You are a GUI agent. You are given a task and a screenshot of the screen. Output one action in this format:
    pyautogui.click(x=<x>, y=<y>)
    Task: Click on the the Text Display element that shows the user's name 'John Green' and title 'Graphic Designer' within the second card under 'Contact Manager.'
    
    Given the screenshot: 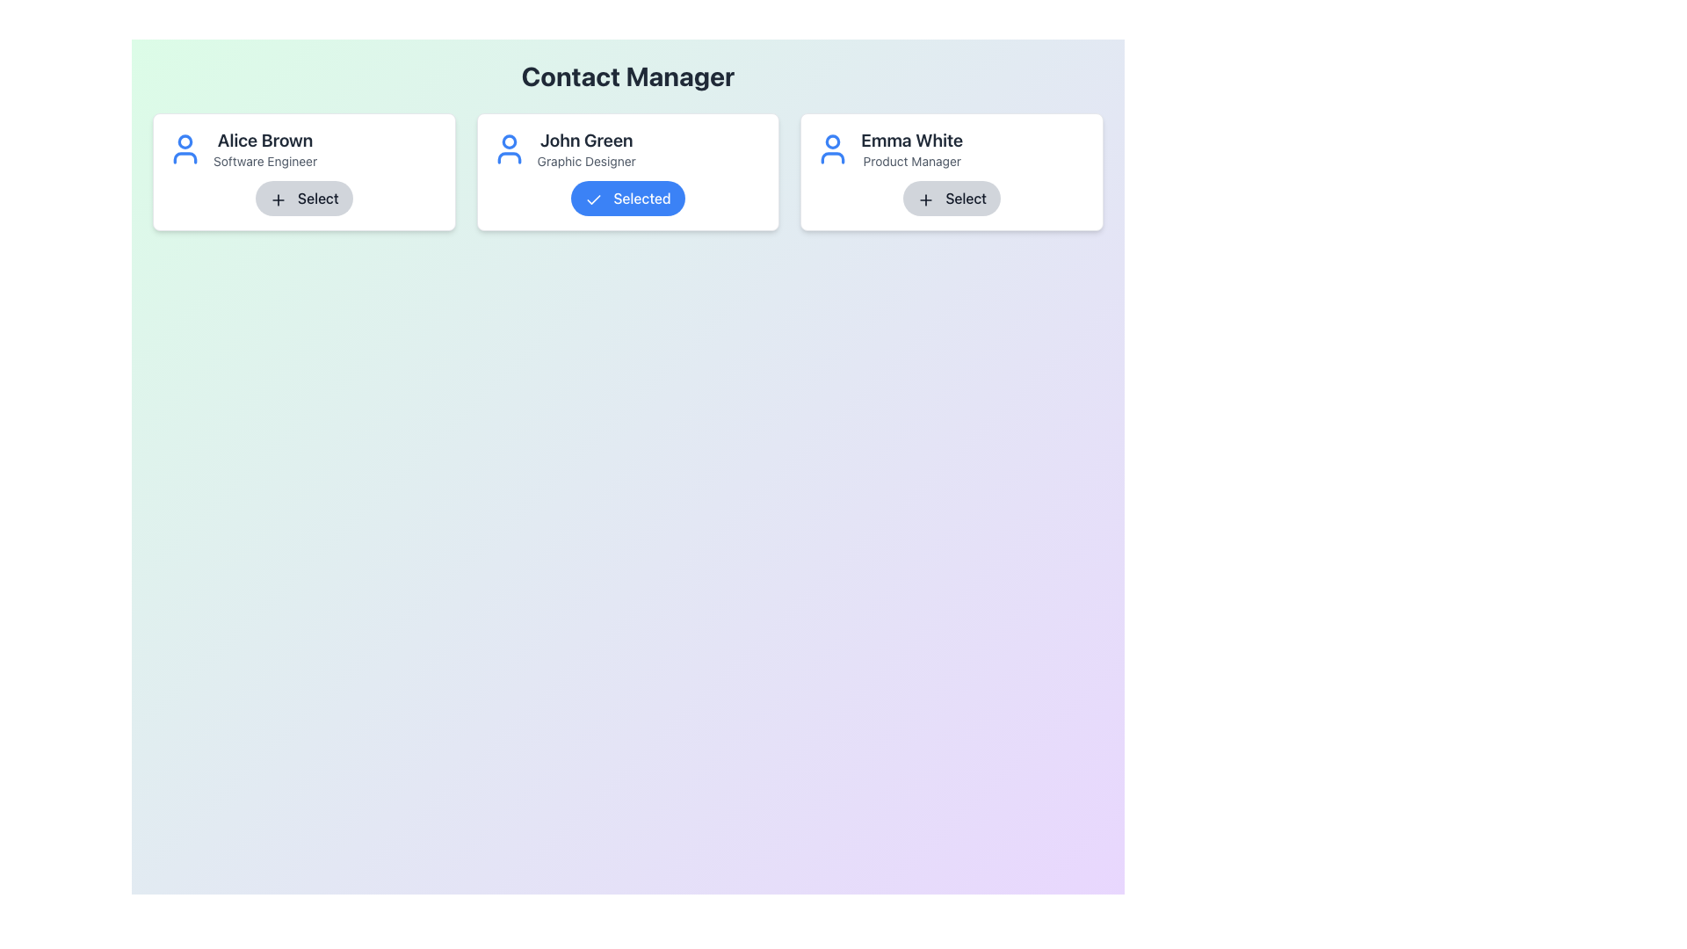 What is the action you would take?
    pyautogui.click(x=586, y=148)
    